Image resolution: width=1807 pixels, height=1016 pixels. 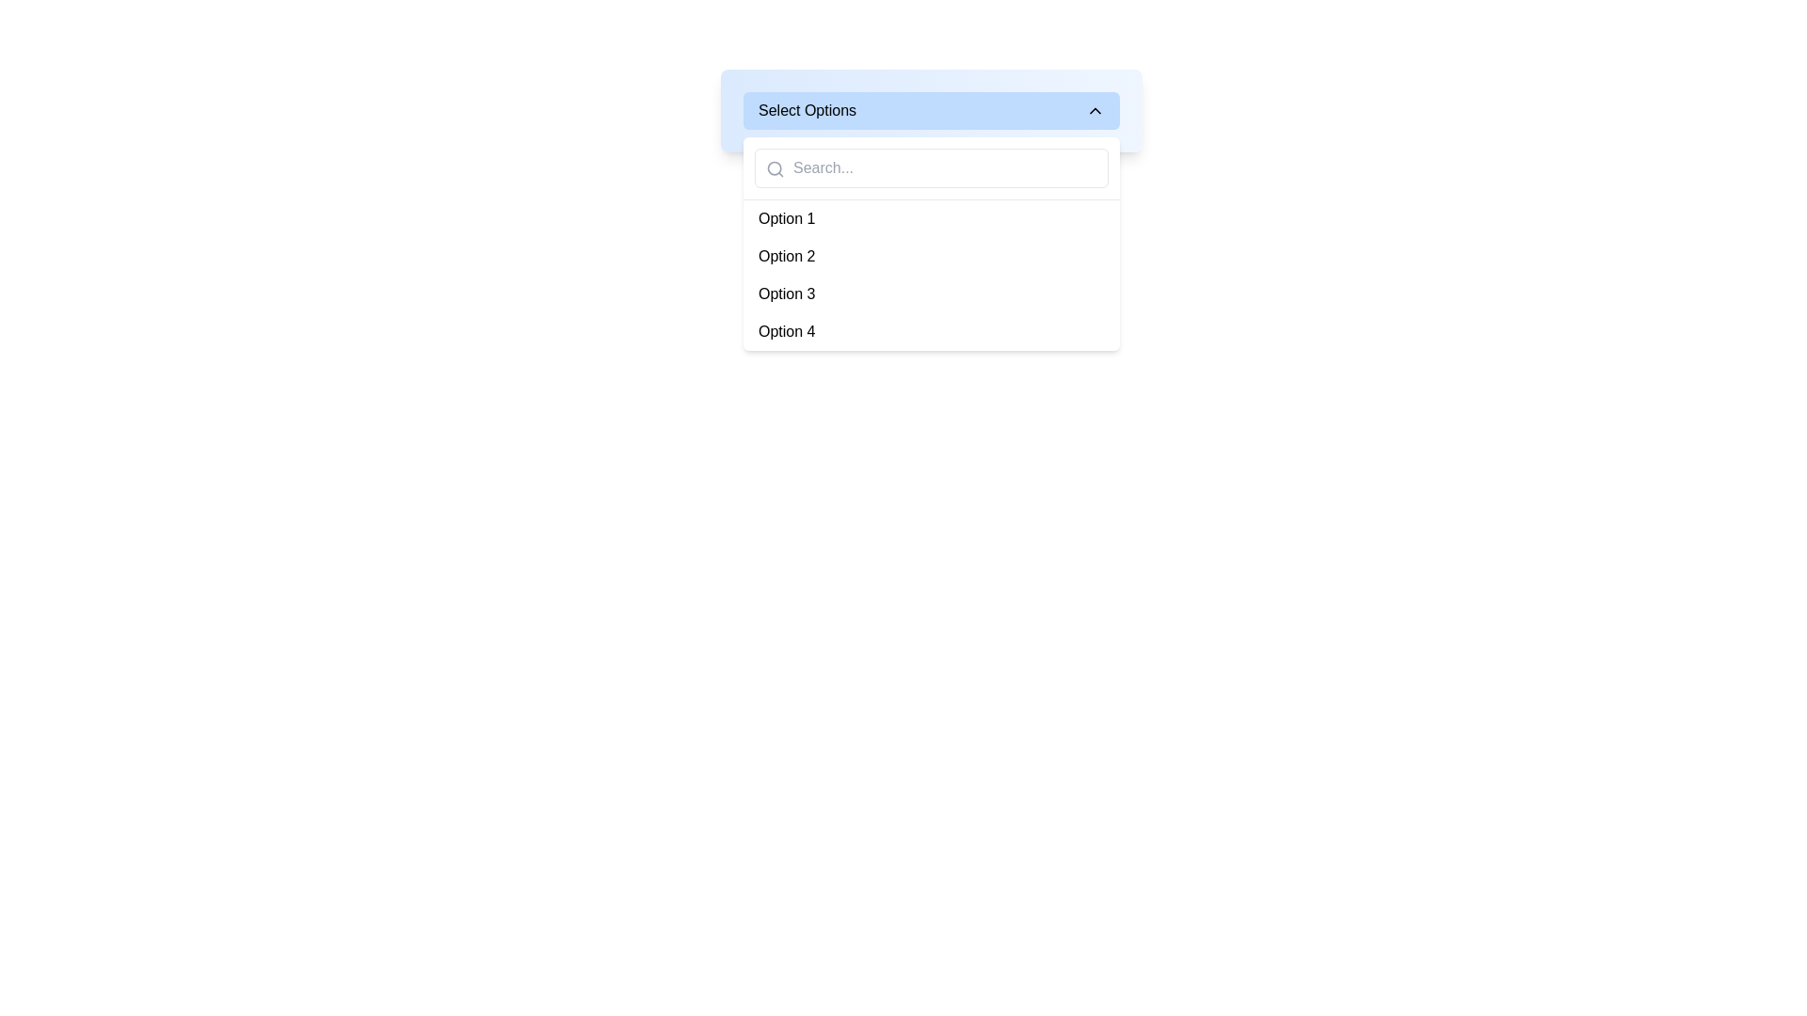 I want to click on the third option in the dropdown menu, which is labeled 'Option 3', so click(x=787, y=294).